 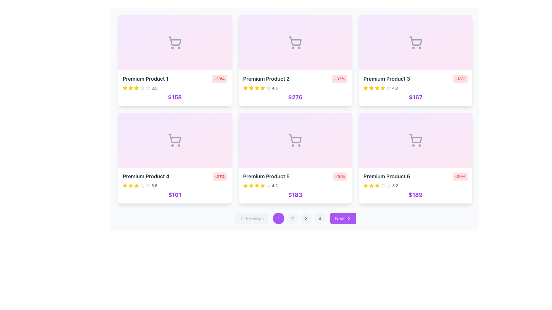 What do you see at coordinates (125, 185) in the screenshot?
I see `the second yellow star icon used as a rating indicator for 'Premium Product 4' located below its title` at bounding box center [125, 185].